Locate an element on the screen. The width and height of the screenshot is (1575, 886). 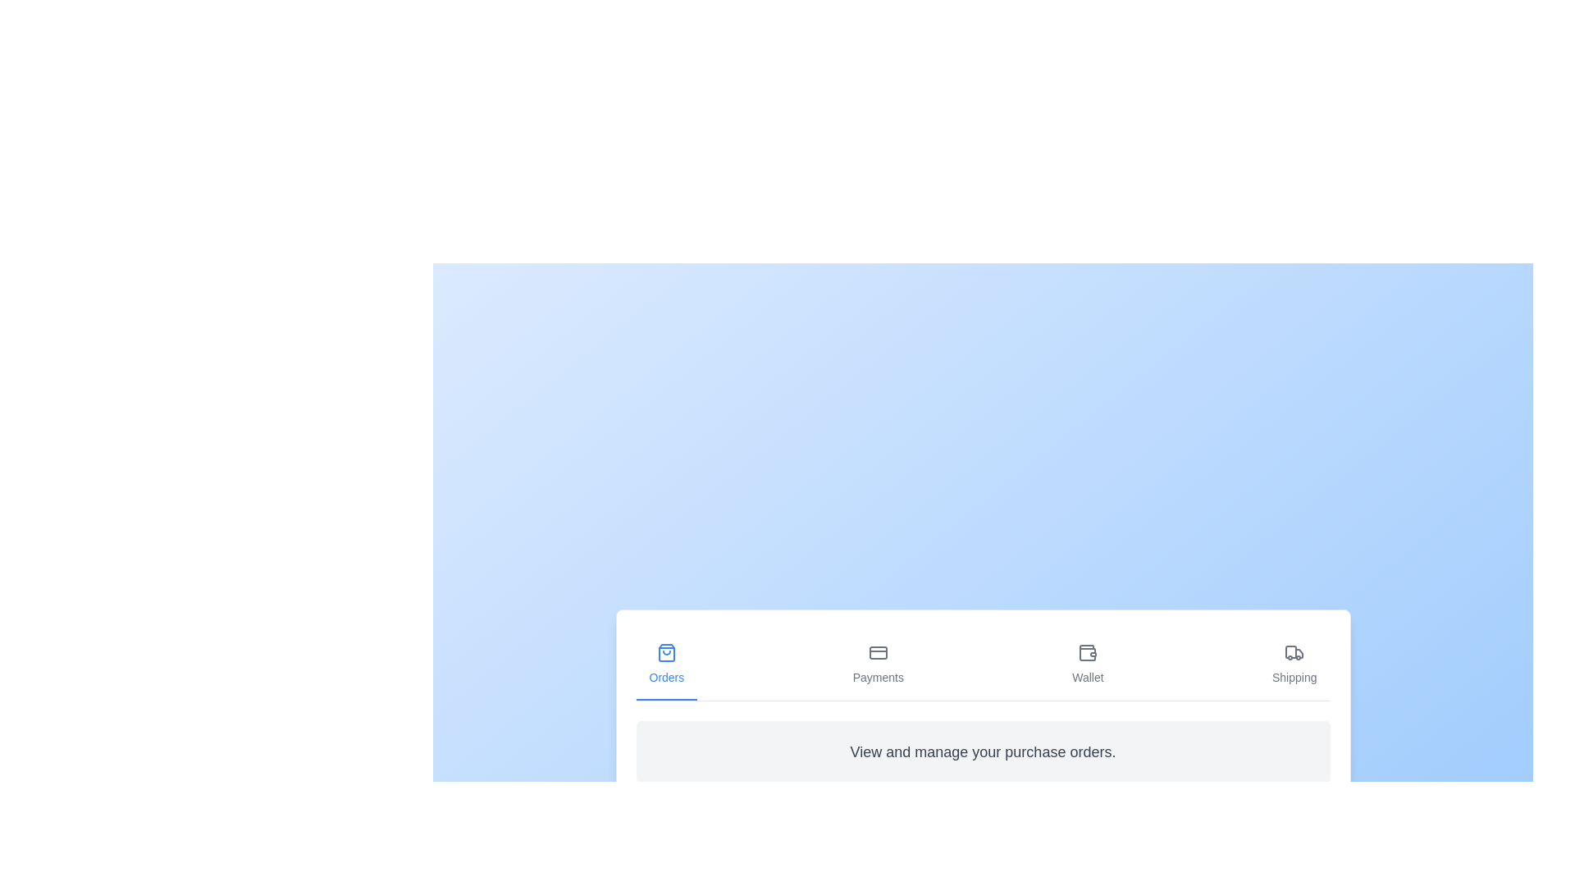
the truck icon in the 'Shipping' tab section of the top navigation bar, which is styled with a gray outline and represents shipping is located at coordinates (1294, 651).